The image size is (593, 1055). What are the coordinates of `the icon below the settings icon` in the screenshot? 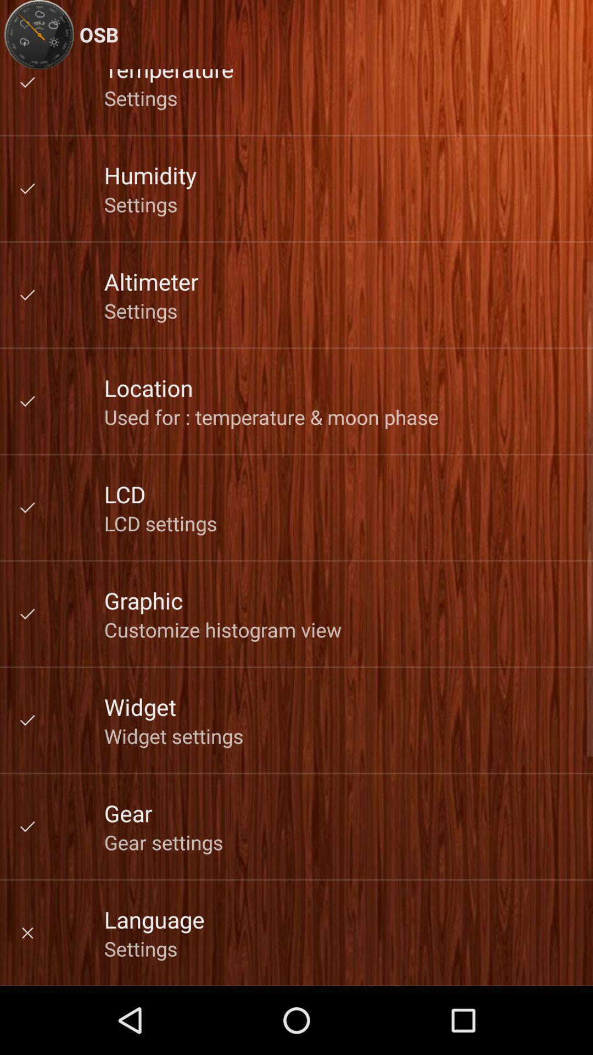 It's located at (150, 174).